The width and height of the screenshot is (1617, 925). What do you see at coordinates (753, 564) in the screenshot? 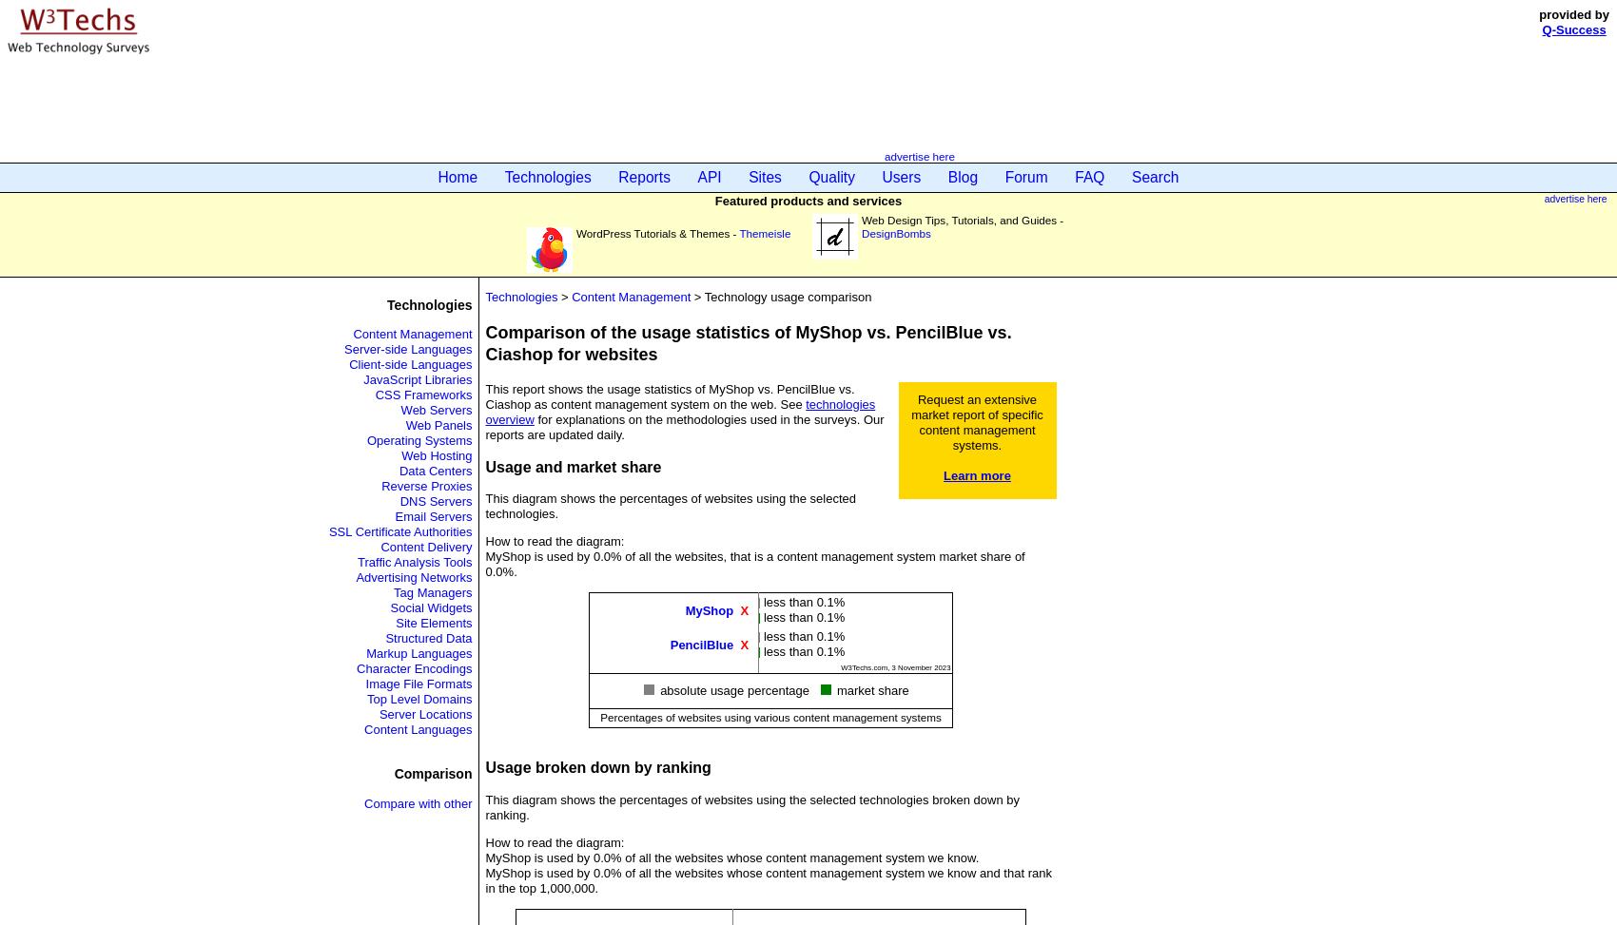
I see `'MyShop is used by 0.0% of all the websites, that is a content management system market share of 0.0%.'` at bounding box center [753, 564].